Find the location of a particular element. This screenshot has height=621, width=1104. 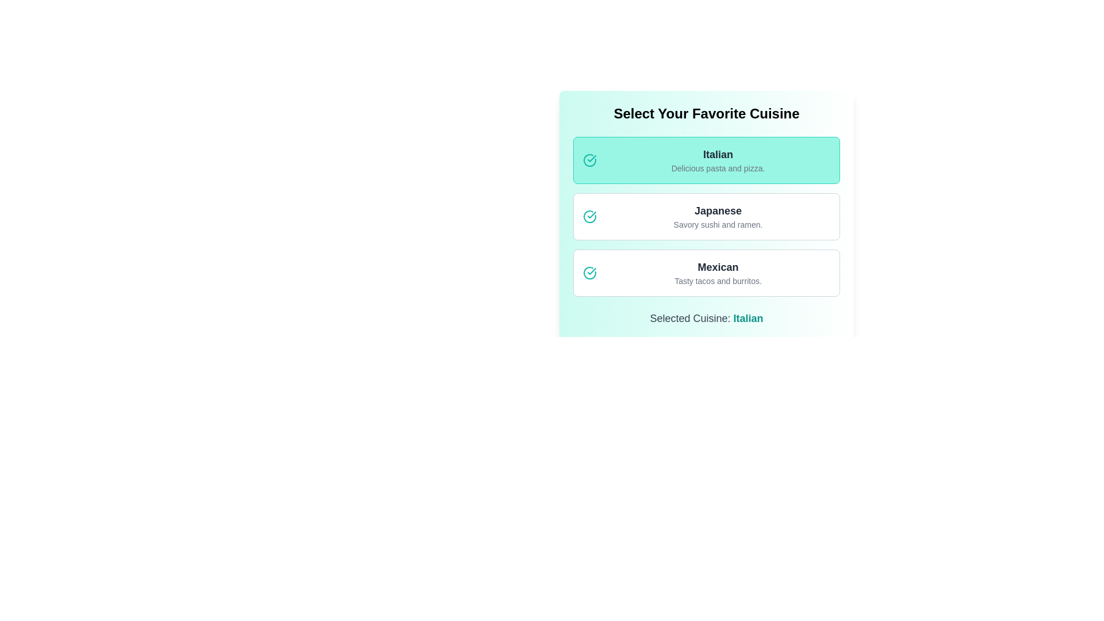

the 'Italian' cuisine label, which is the first line of text in the highlighted 'Italian' cuisine selector box located in the upper-middle section of the interface is located at coordinates (717, 154).